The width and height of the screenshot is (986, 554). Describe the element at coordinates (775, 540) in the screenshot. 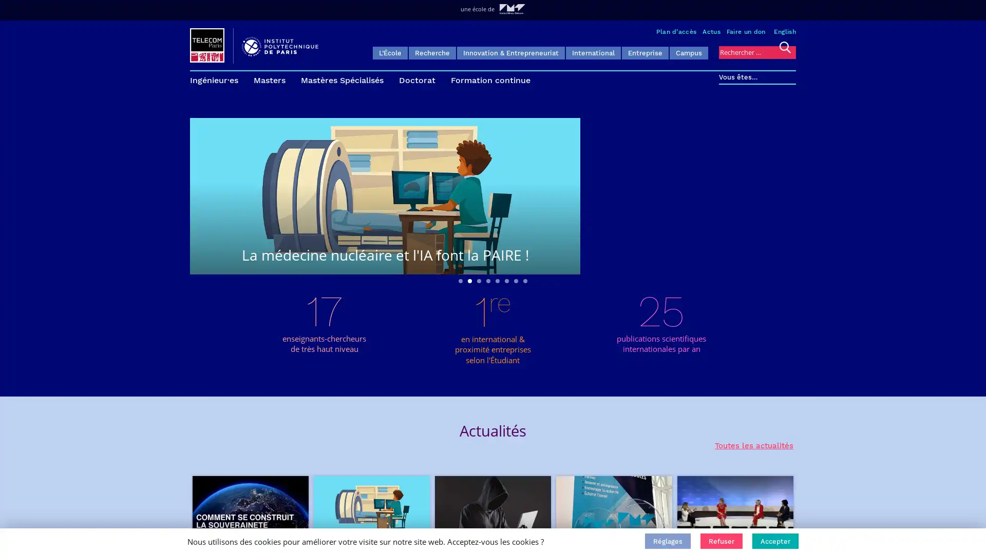

I see `Accepter` at that location.